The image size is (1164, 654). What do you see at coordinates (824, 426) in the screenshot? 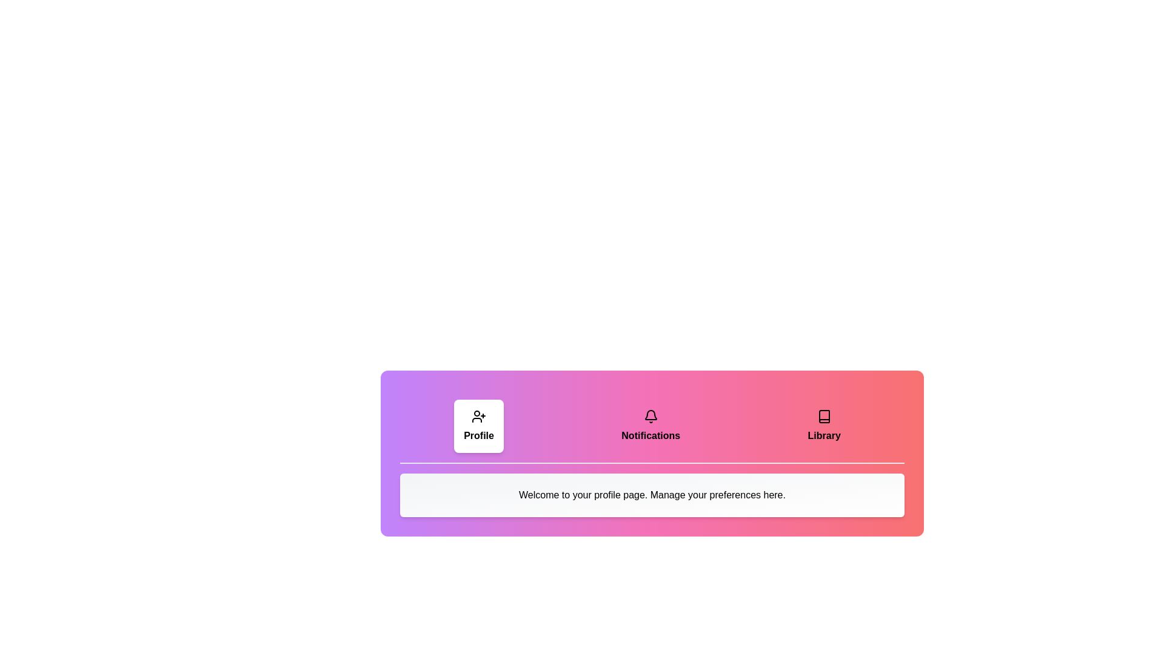
I see `the tab named Library by clicking on its button` at bounding box center [824, 426].